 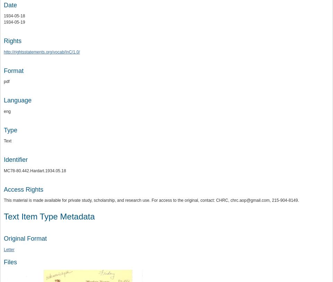 I want to click on 'Type', so click(x=10, y=130).